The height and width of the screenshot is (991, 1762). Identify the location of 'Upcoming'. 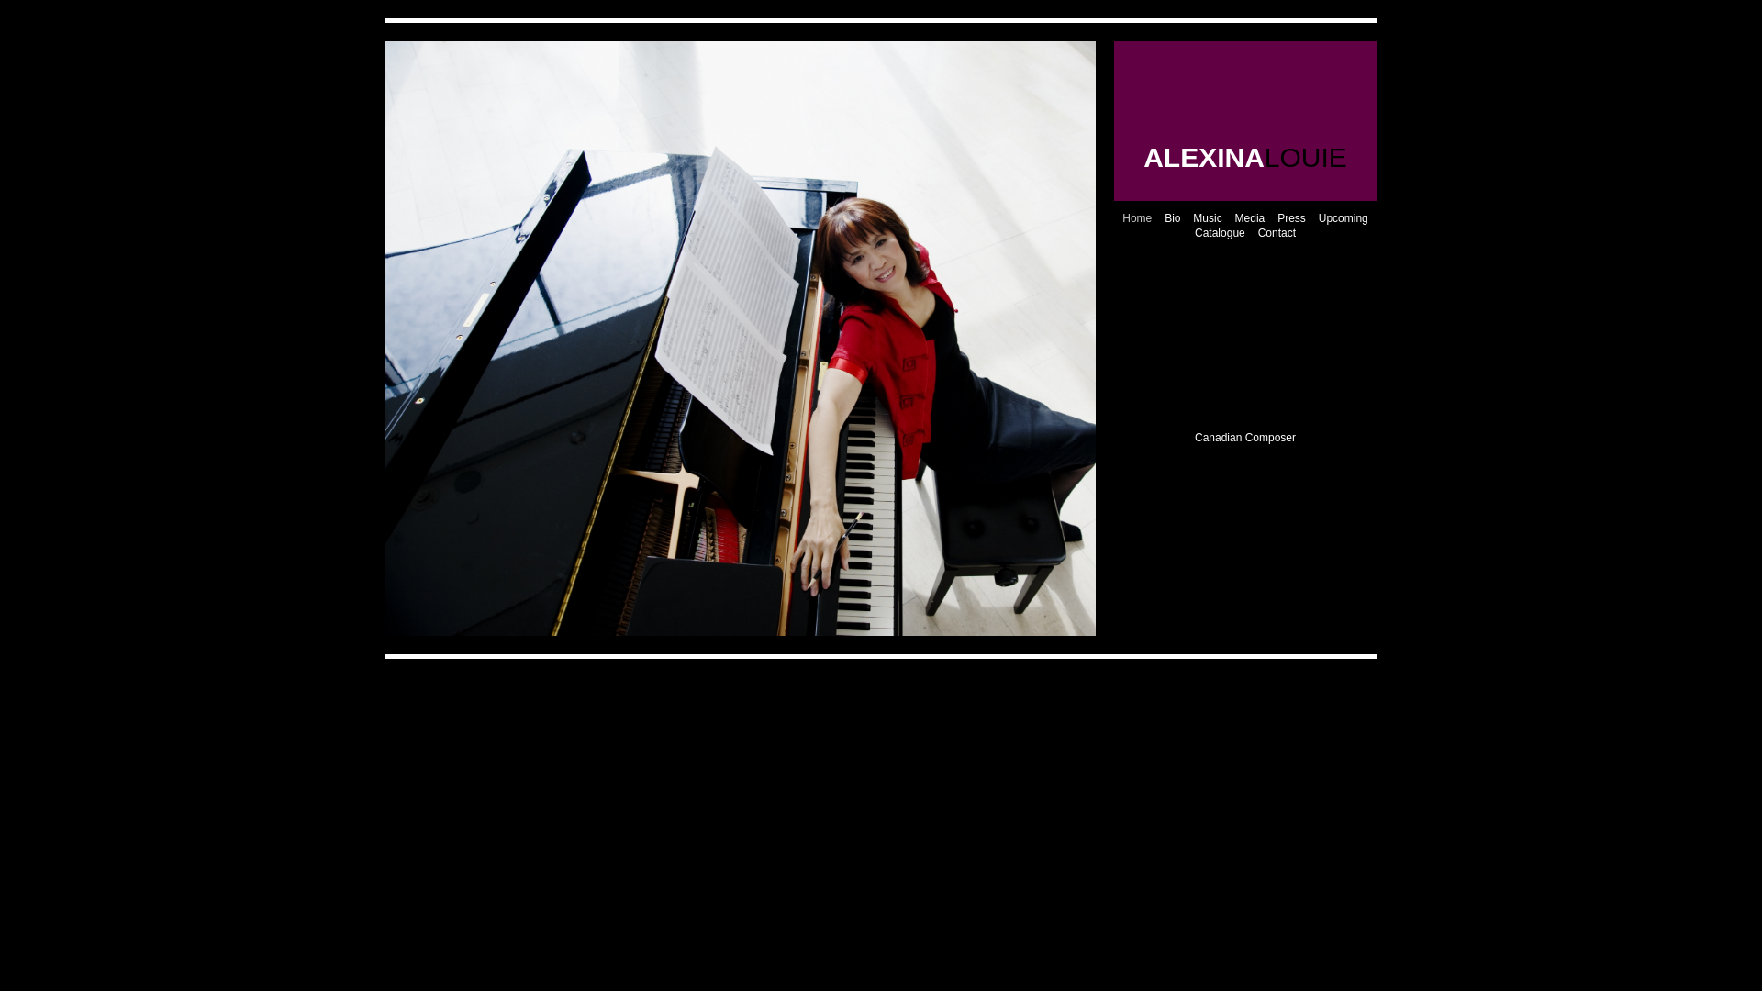
(1344, 217).